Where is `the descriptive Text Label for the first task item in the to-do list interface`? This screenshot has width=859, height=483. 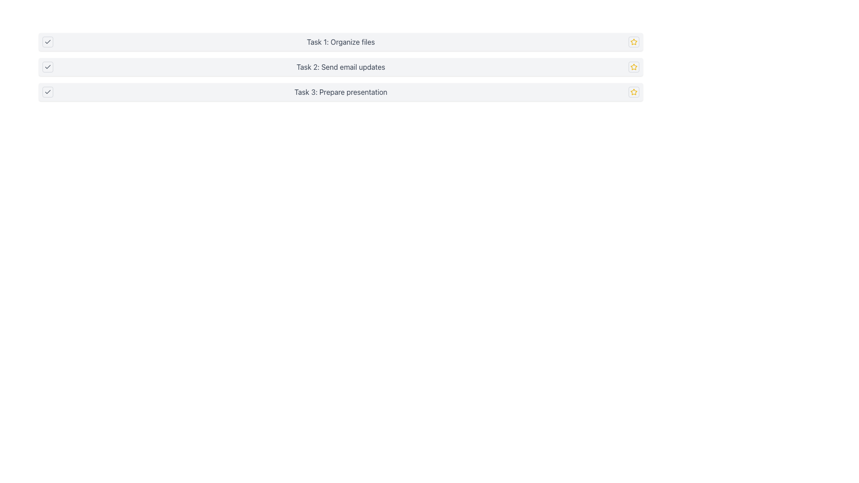
the descriptive Text Label for the first task item in the to-do list interface is located at coordinates (340, 42).